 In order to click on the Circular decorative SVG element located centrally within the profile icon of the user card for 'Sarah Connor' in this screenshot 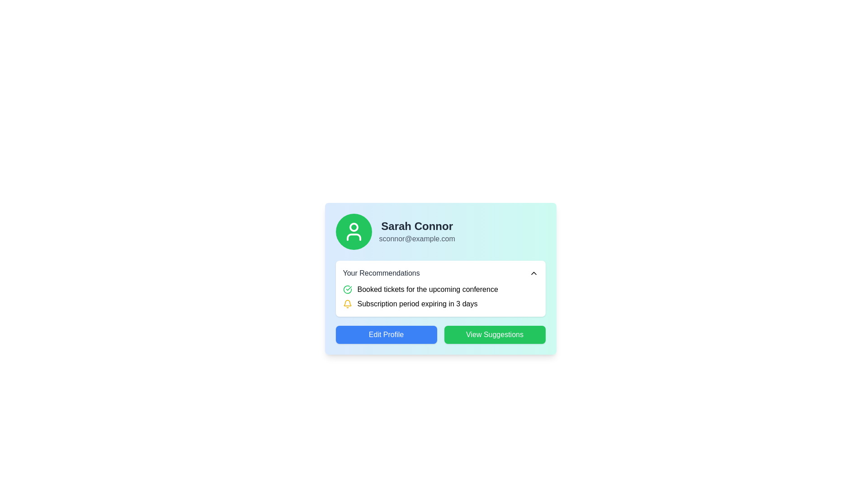, I will do `click(353, 226)`.